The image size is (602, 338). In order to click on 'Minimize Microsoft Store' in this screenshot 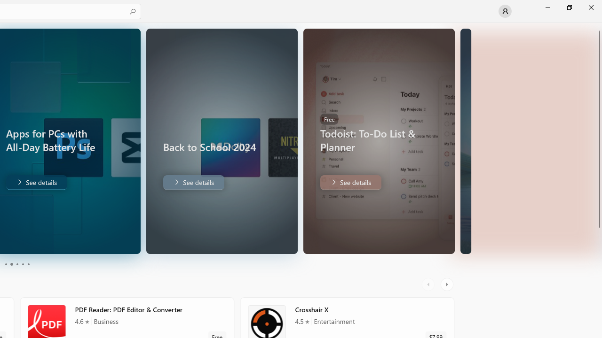, I will do `click(547, 7)`.